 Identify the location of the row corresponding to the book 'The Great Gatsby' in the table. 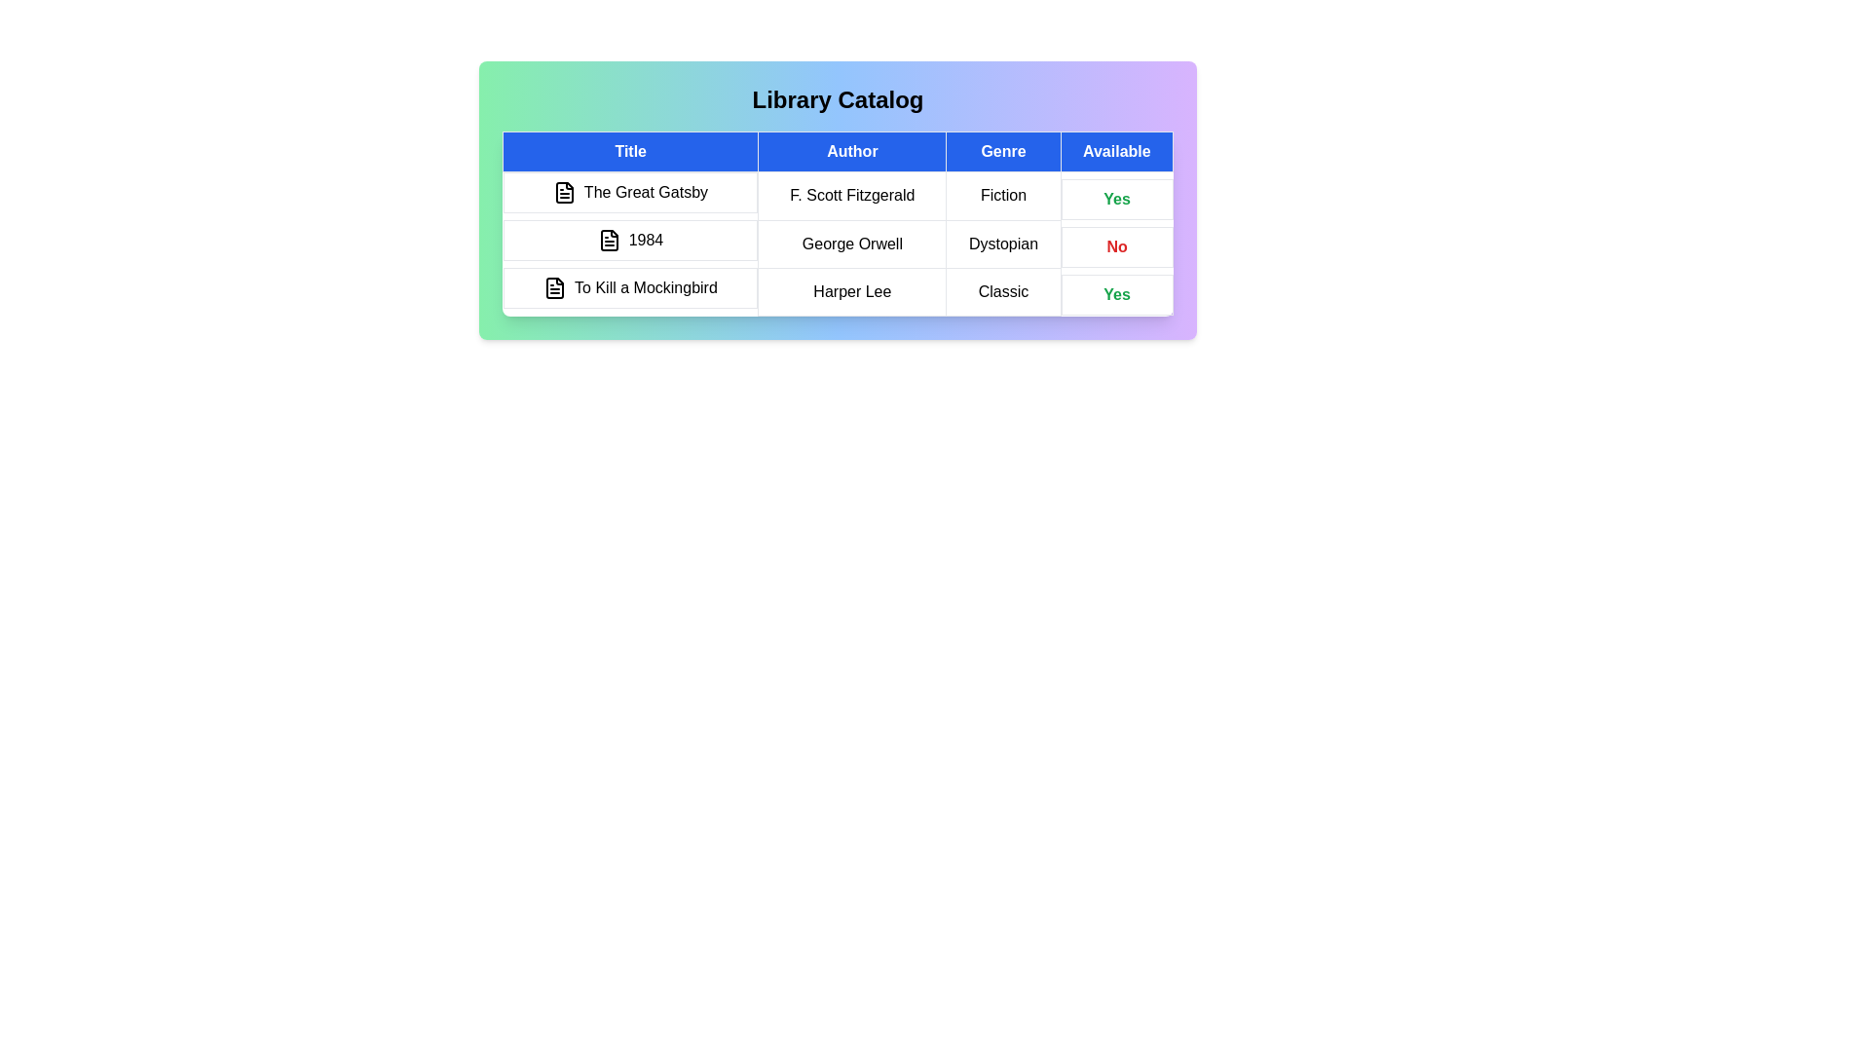
(838, 196).